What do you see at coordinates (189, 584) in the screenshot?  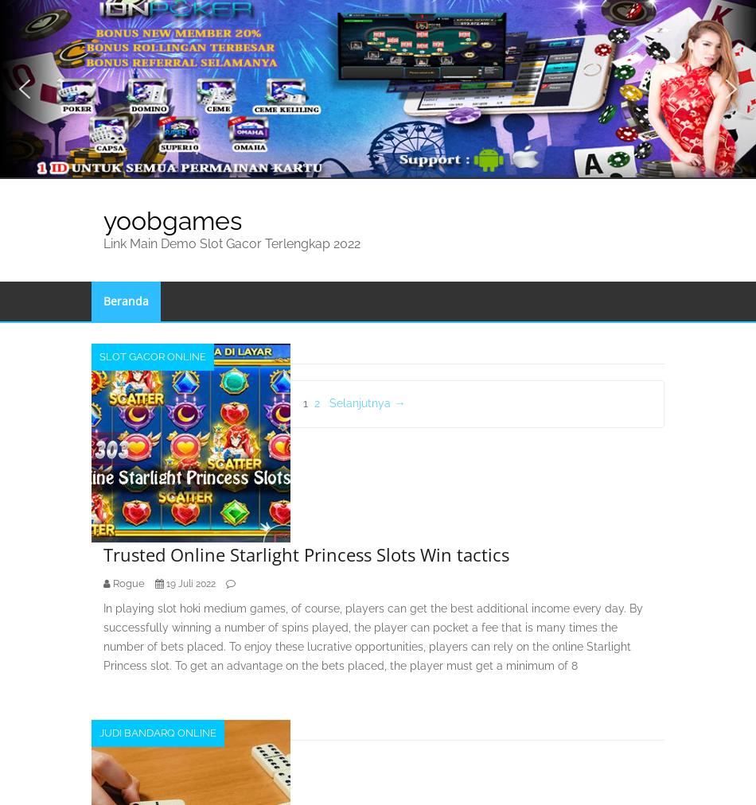 I see `'19 Juli 2022'` at bounding box center [189, 584].